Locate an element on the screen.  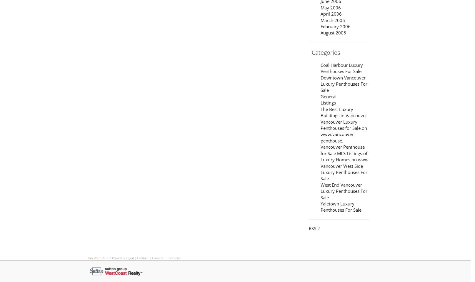
'April 2006' is located at coordinates (331, 14).